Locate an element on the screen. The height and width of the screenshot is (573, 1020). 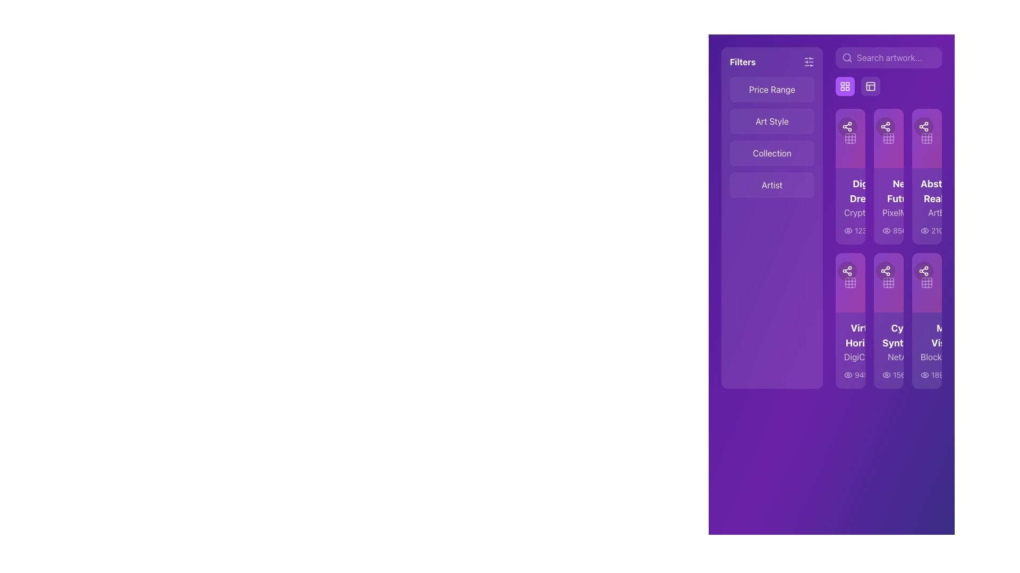
the 'Art Style' button, which is a rectangular button with rounded corners and contains the text 'Art Style' centered within it, located under the 'Filters' section is located at coordinates (772, 120).